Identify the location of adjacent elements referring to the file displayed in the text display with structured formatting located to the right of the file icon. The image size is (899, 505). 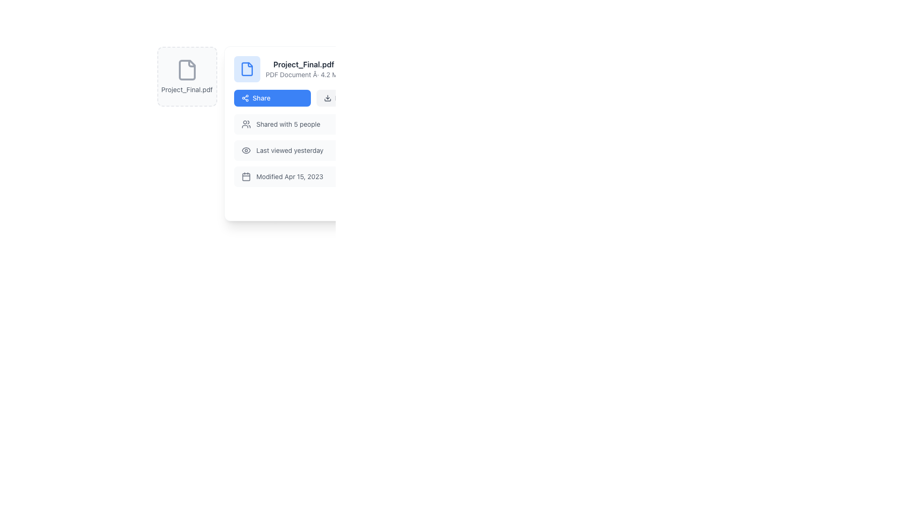
(303, 68).